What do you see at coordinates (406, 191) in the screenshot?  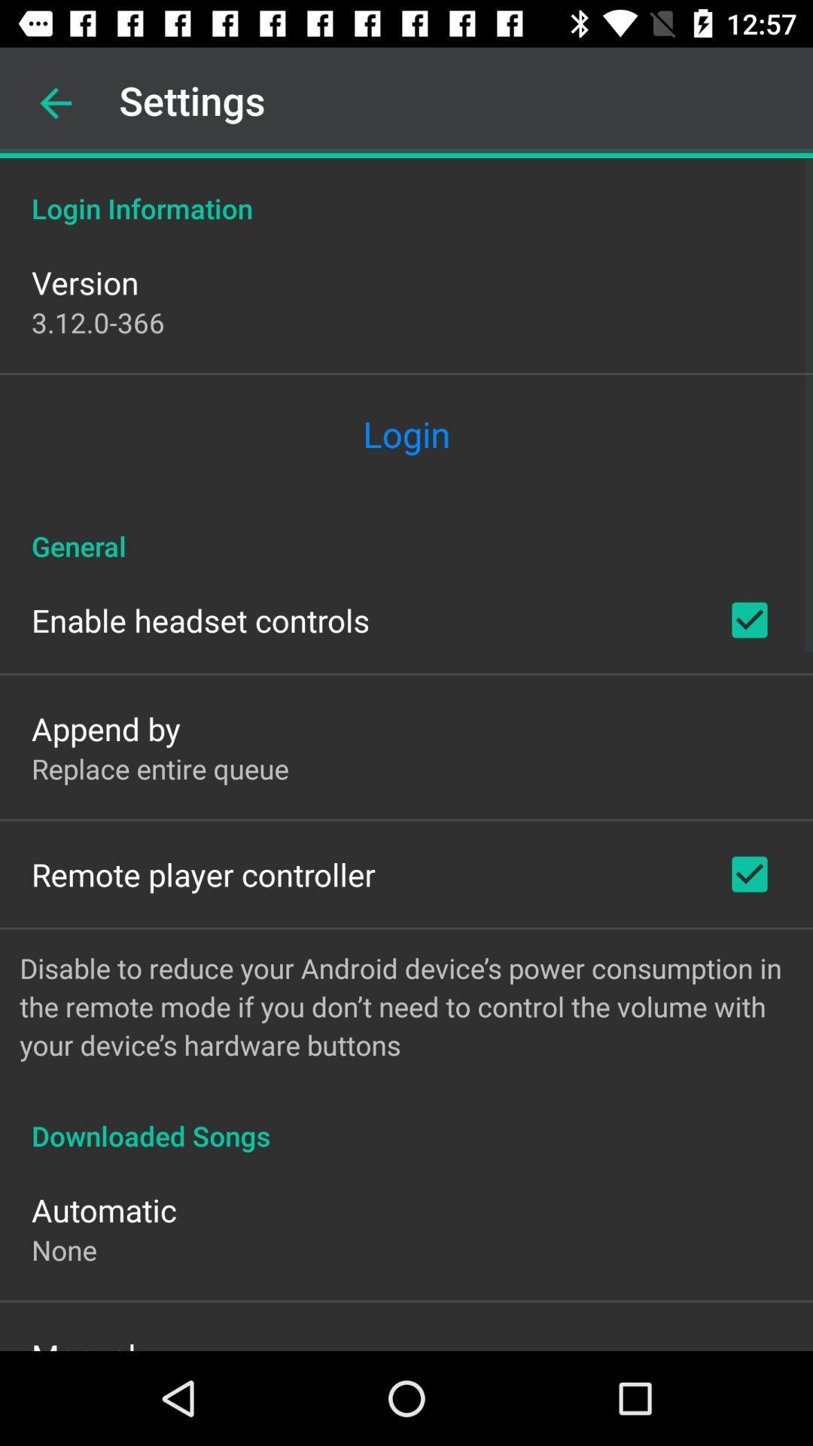 I see `the login information icon` at bounding box center [406, 191].